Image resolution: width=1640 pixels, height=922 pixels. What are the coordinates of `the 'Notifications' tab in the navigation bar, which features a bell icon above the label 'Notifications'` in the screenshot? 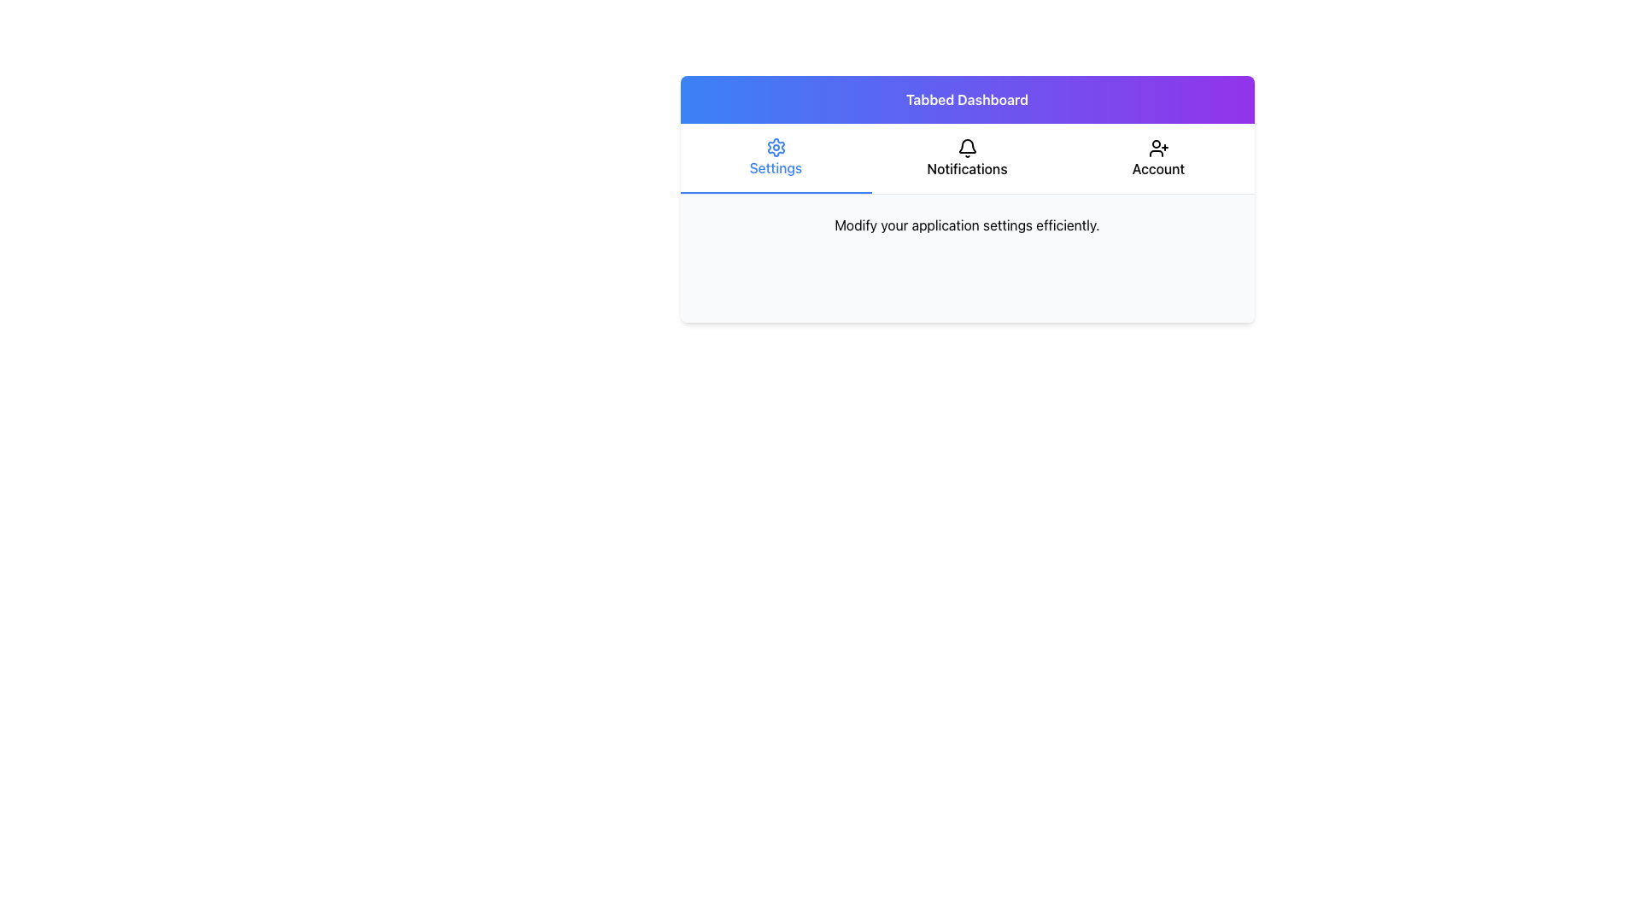 It's located at (967, 158).